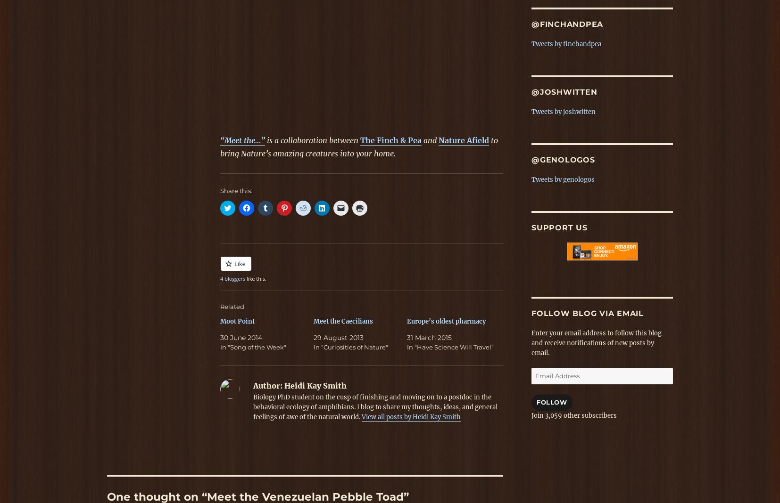  What do you see at coordinates (431, 139) in the screenshot?
I see `'and'` at bounding box center [431, 139].